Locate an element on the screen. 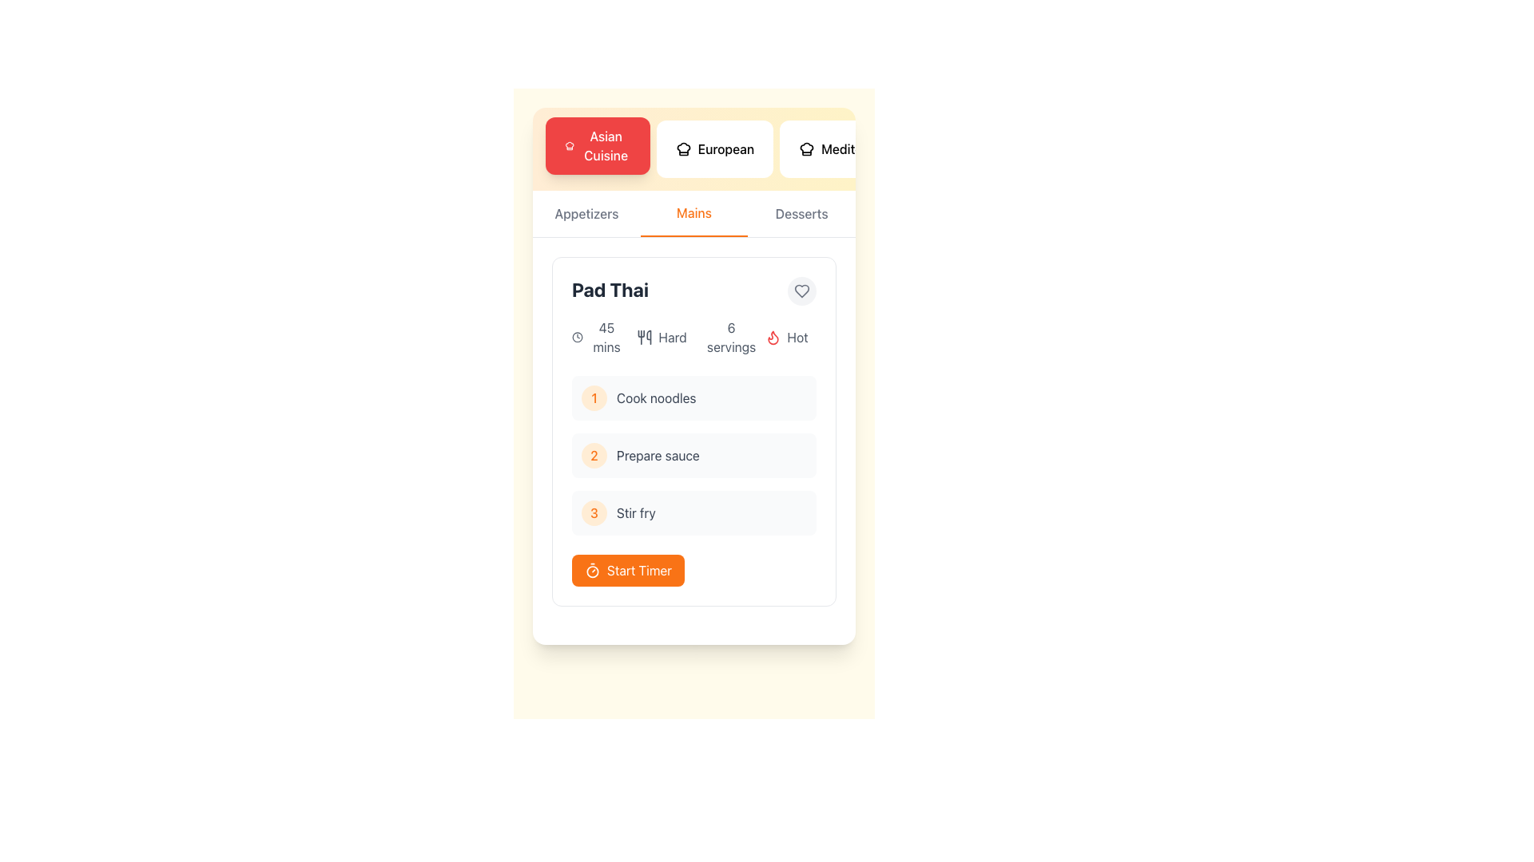 The height and width of the screenshot is (862, 1534). the Text and icon component displaying the clock icon and '45 mins' text, which is positioned in the card section of the 'Pad Thai' recipe information is located at coordinates (597, 337).